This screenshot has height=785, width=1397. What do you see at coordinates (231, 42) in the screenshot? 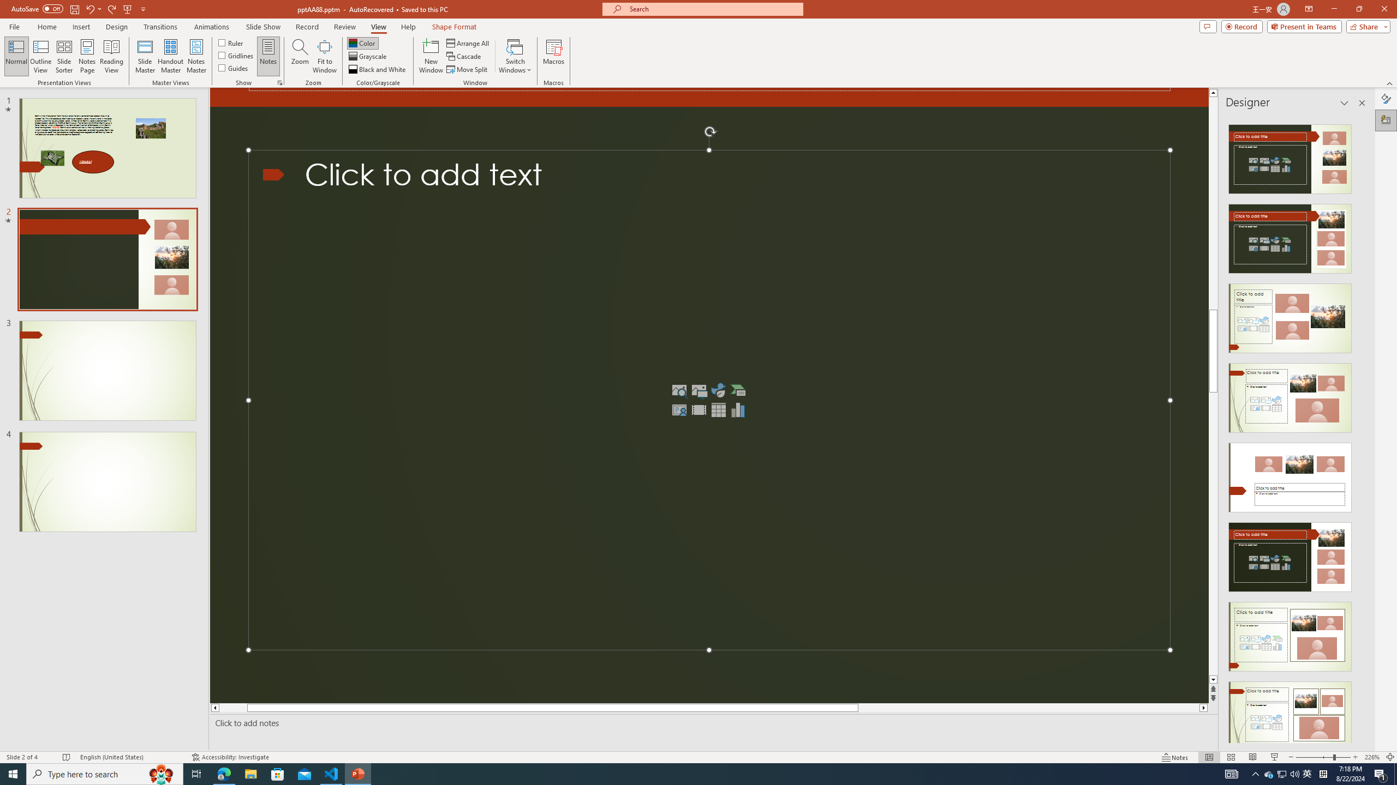
I see `'Ruler'` at bounding box center [231, 42].